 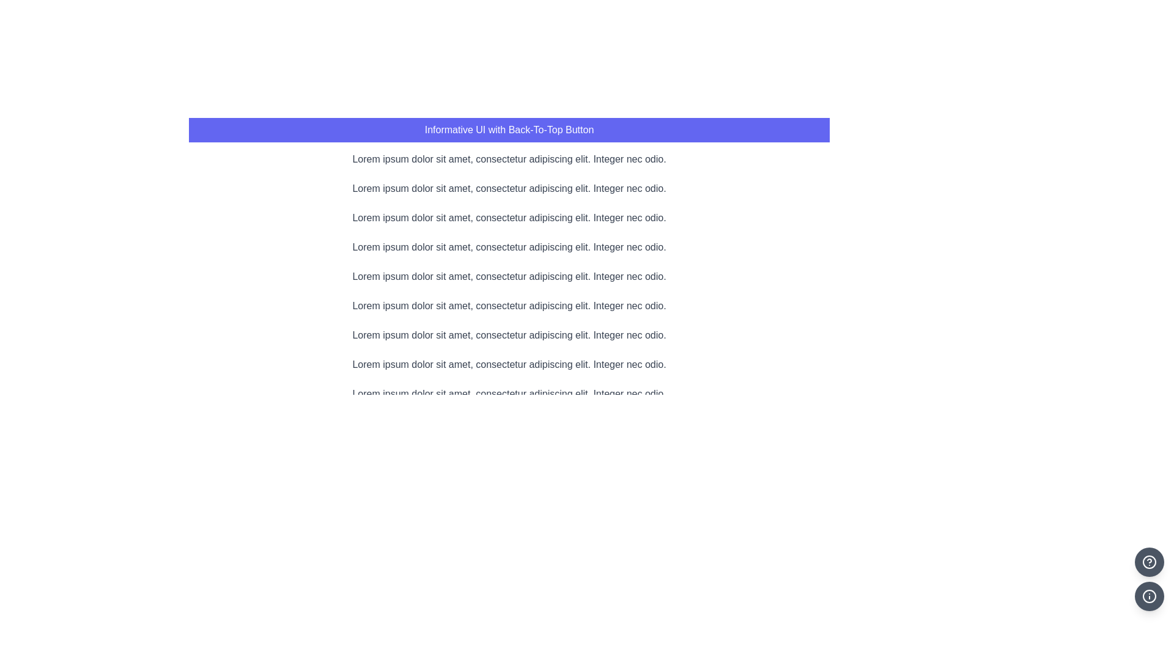 What do you see at coordinates (509, 130) in the screenshot?
I see `the textual header or banner at the top of the page` at bounding box center [509, 130].